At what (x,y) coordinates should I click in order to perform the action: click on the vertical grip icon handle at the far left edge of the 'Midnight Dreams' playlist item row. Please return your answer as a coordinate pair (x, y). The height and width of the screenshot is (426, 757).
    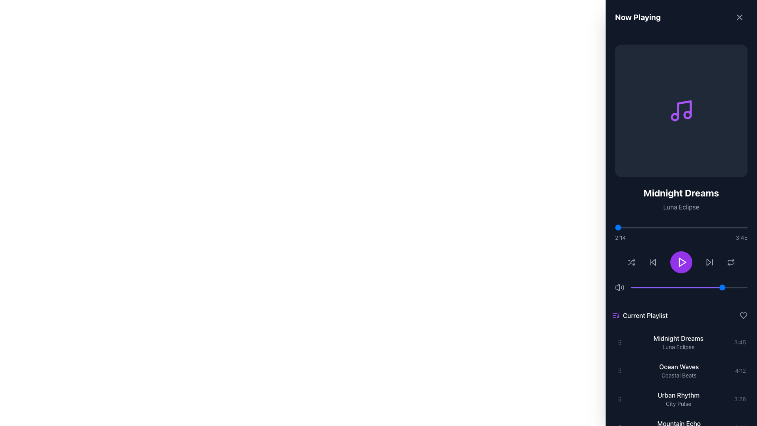
    Looking at the image, I should click on (619, 342).